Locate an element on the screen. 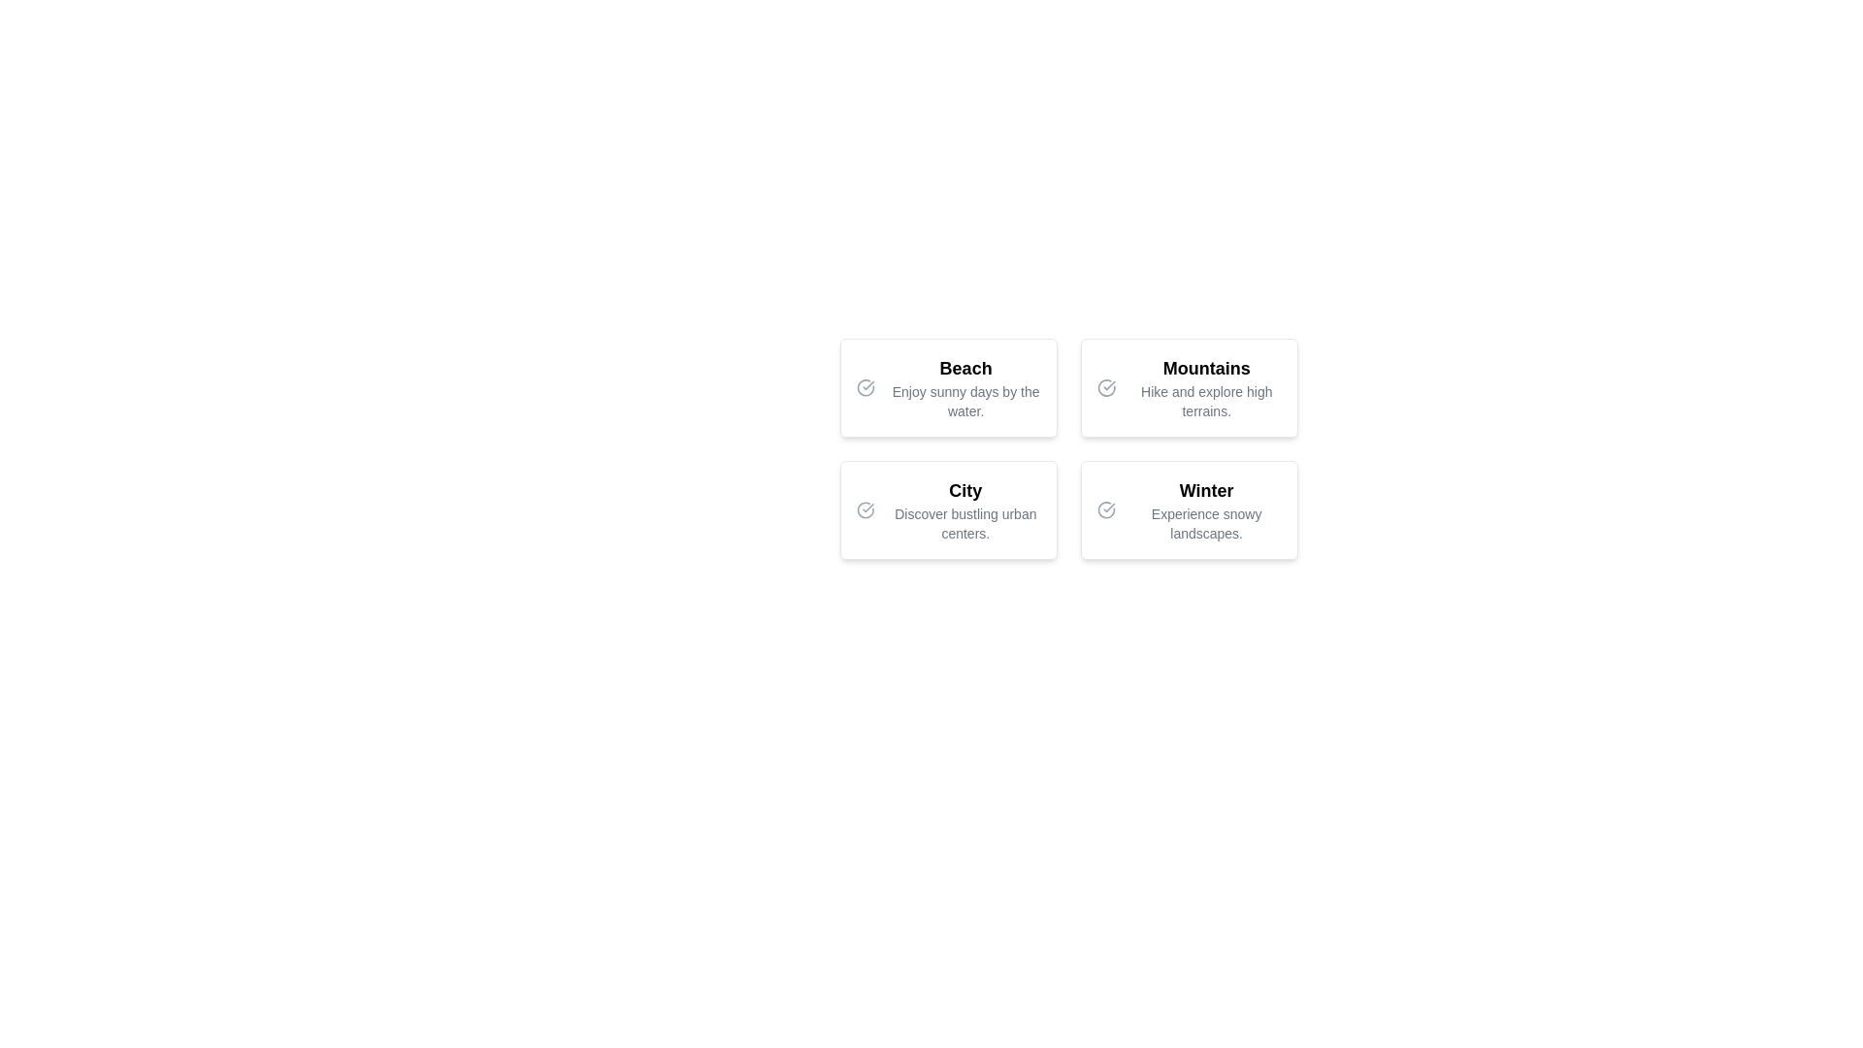 The height and width of the screenshot is (1048, 1863). the static text content providing supplementary information about the 'Winter' section, located within the 'Winter' card and positioned below the title is located at coordinates (1205, 524).